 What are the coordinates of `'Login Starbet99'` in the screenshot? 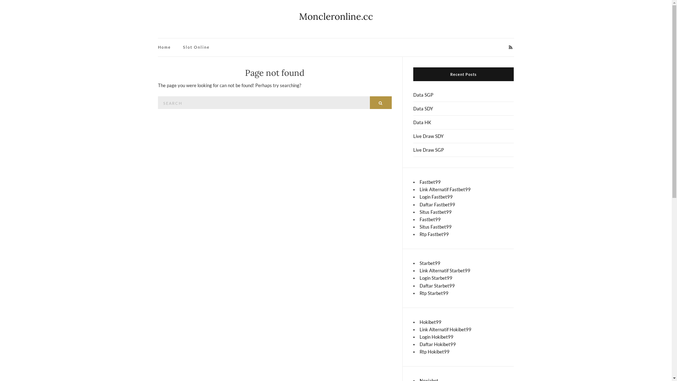 It's located at (435, 277).